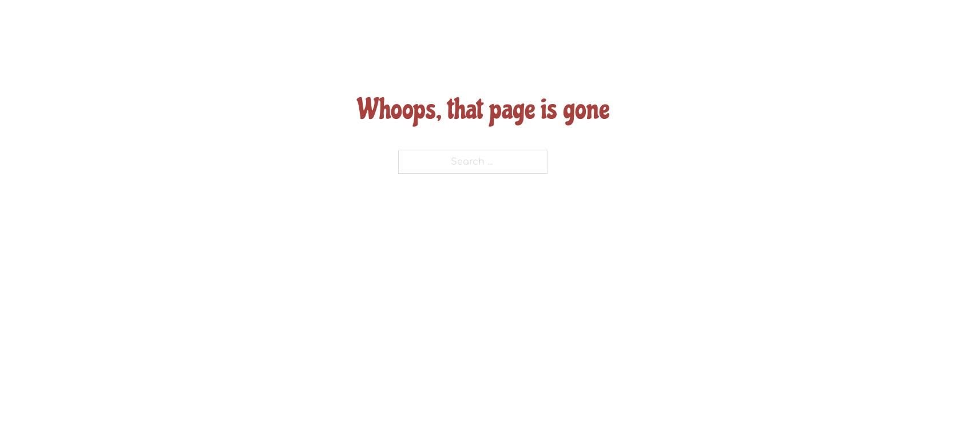 The image size is (968, 439). What do you see at coordinates (516, 39) in the screenshot?
I see `'Menu'` at bounding box center [516, 39].